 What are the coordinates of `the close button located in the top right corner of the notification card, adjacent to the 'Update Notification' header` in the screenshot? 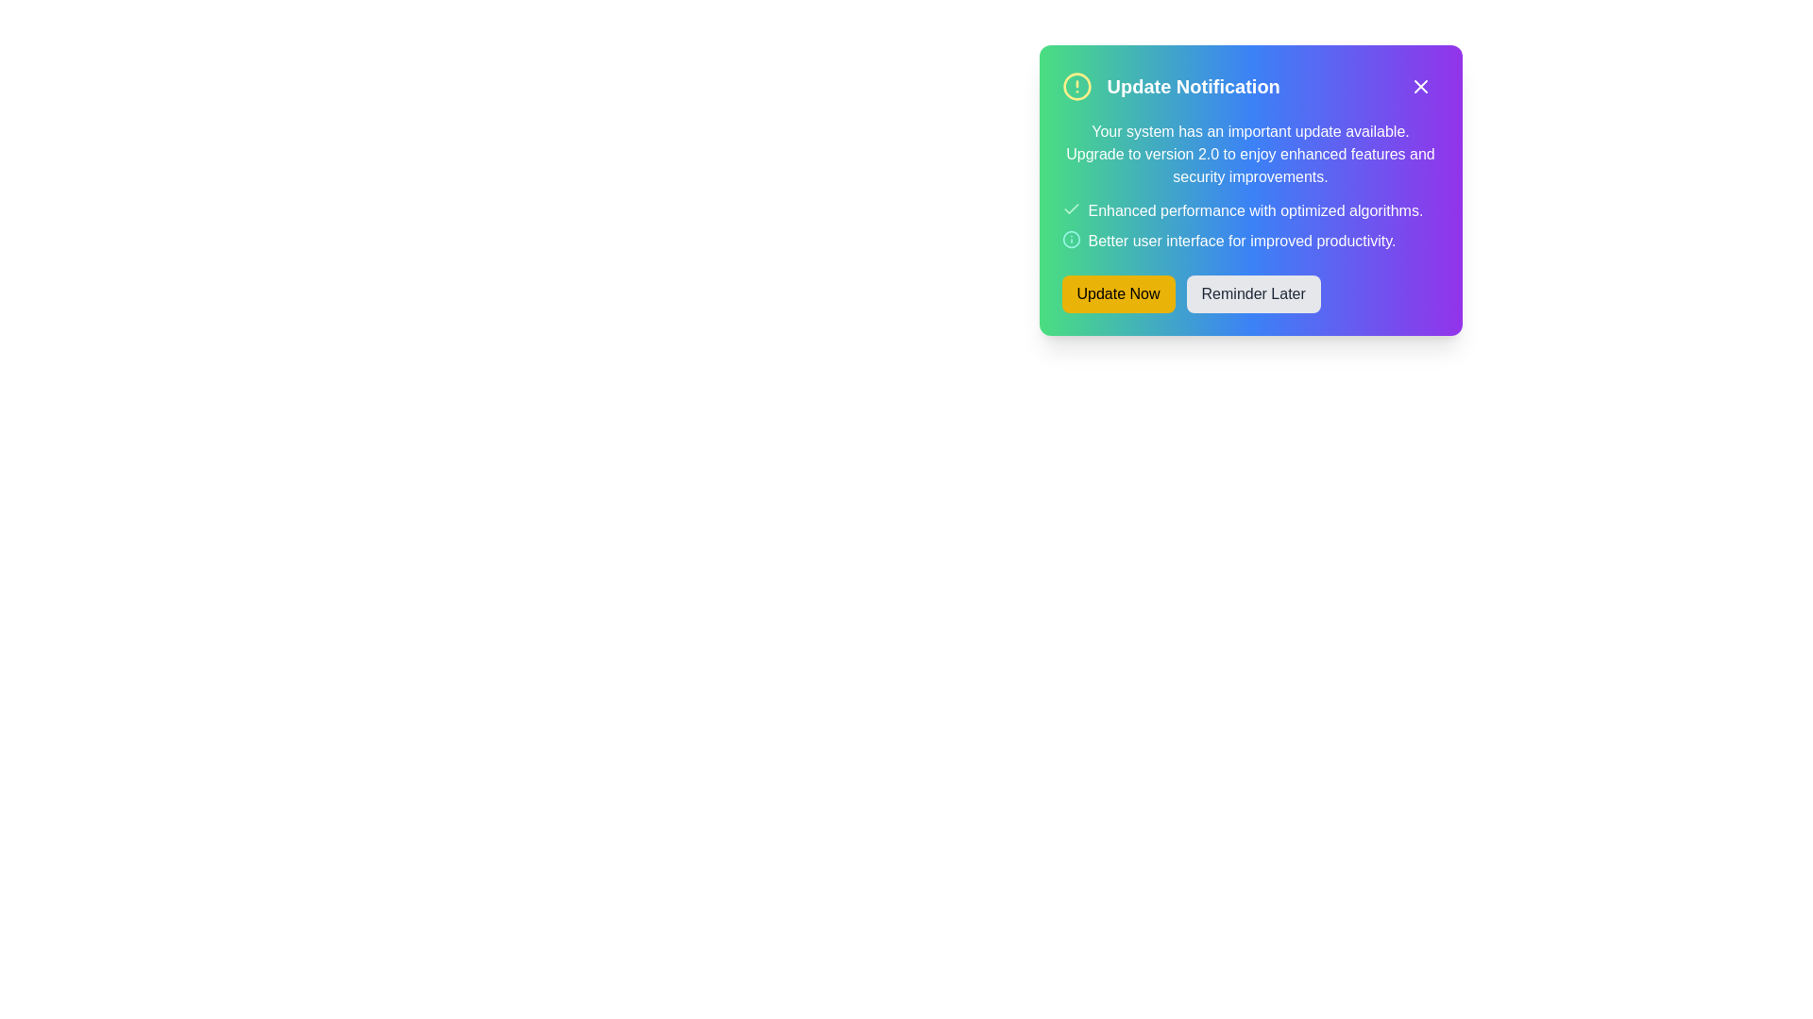 It's located at (1420, 87).